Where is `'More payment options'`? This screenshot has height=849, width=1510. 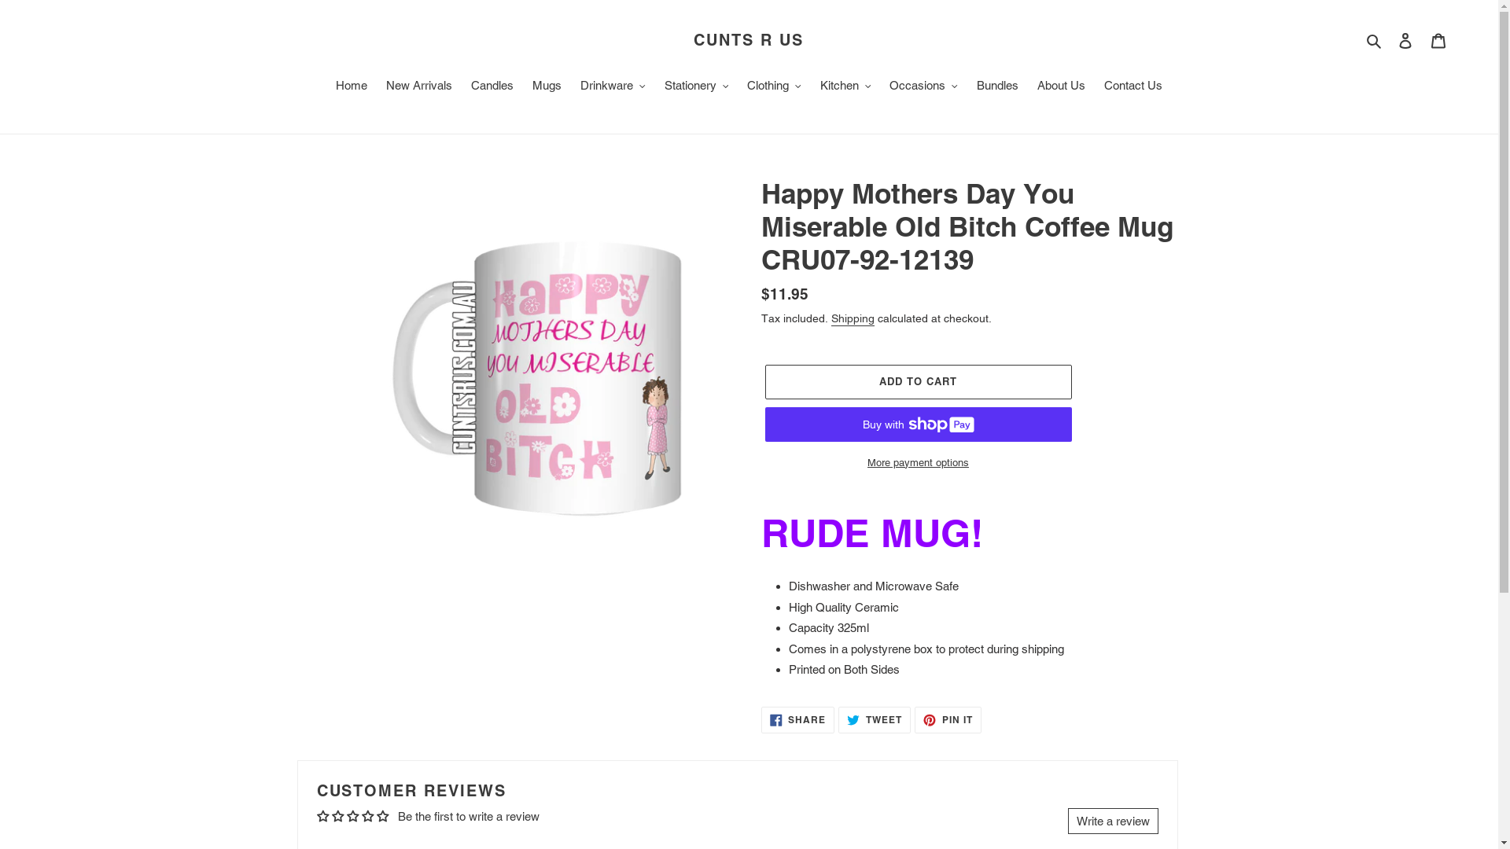 'More payment options' is located at coordinates (917, 462).